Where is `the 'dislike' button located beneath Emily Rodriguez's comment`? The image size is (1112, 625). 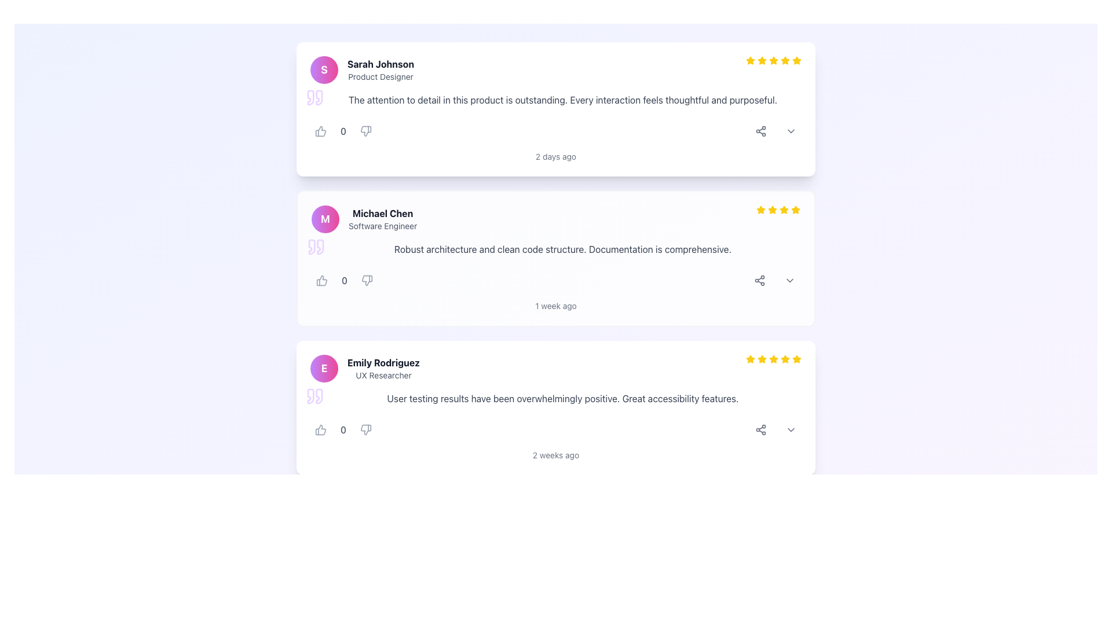 the 'dislike' button located beneath Emily Rodriguez's comment is located at coordinates (365, 430).